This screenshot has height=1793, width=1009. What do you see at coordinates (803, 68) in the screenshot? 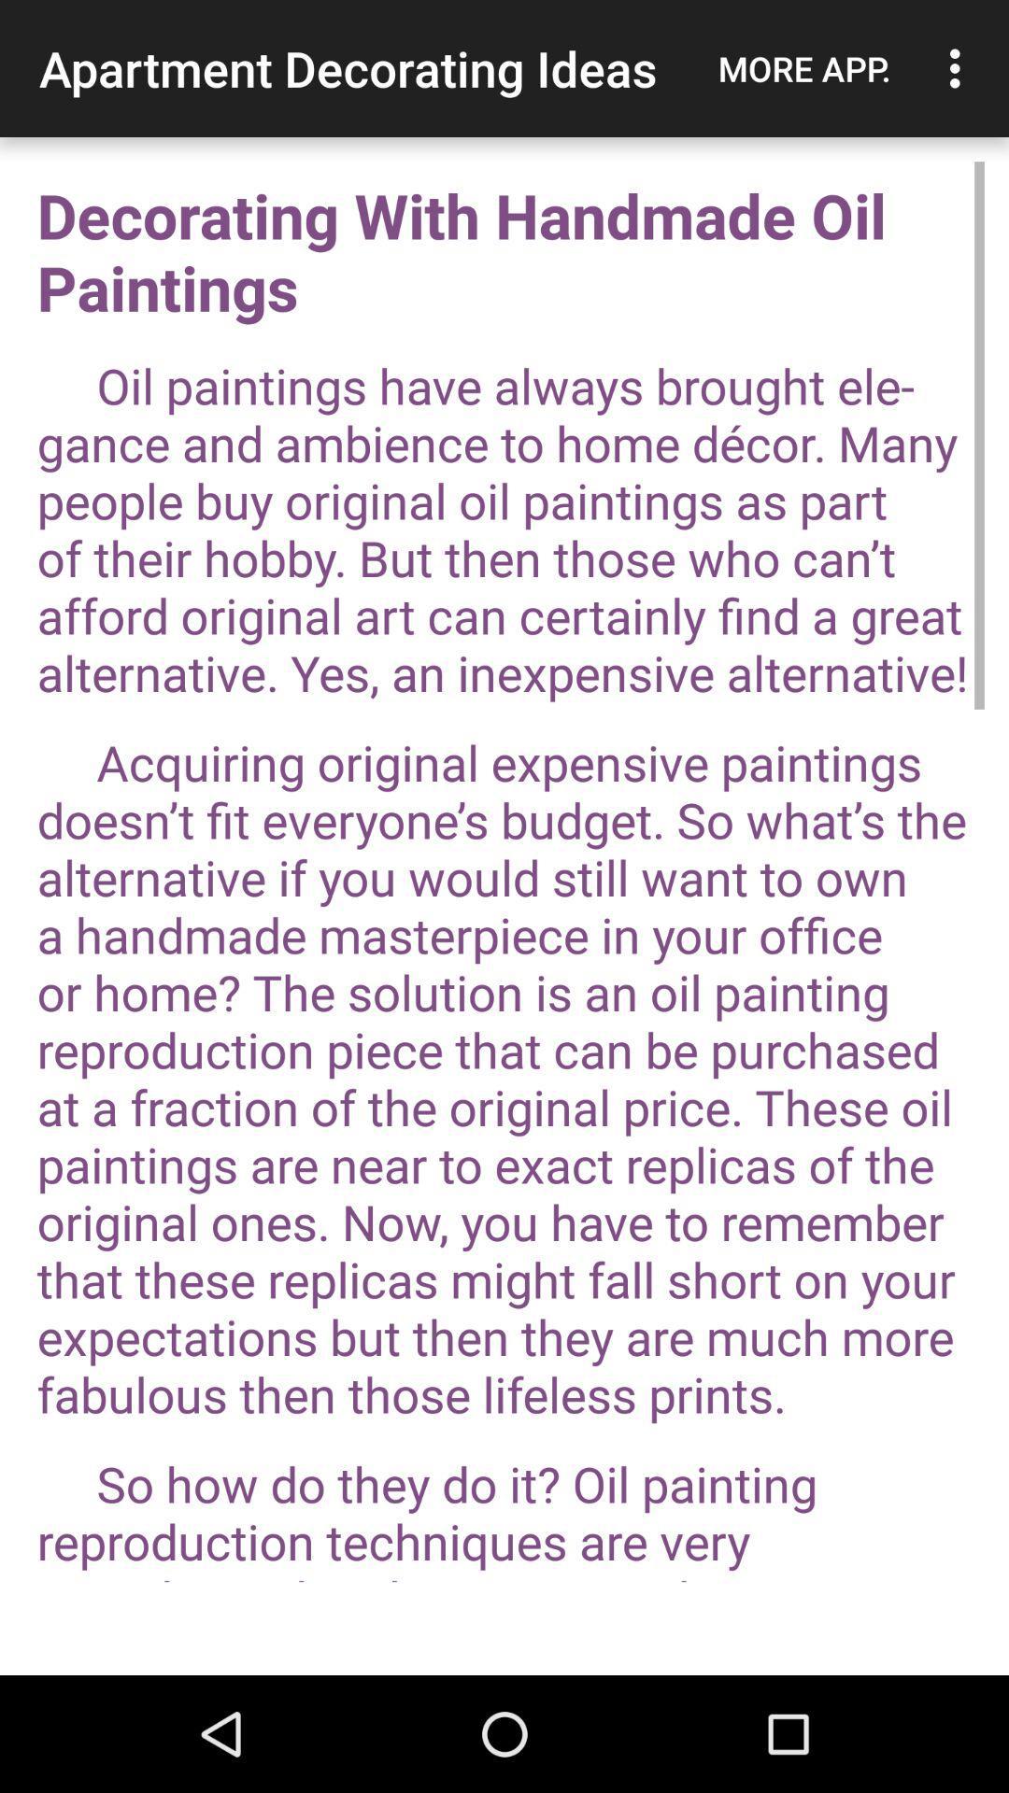
I see `item next to apartment decorating ideas item` at bounding box center [803, 68].